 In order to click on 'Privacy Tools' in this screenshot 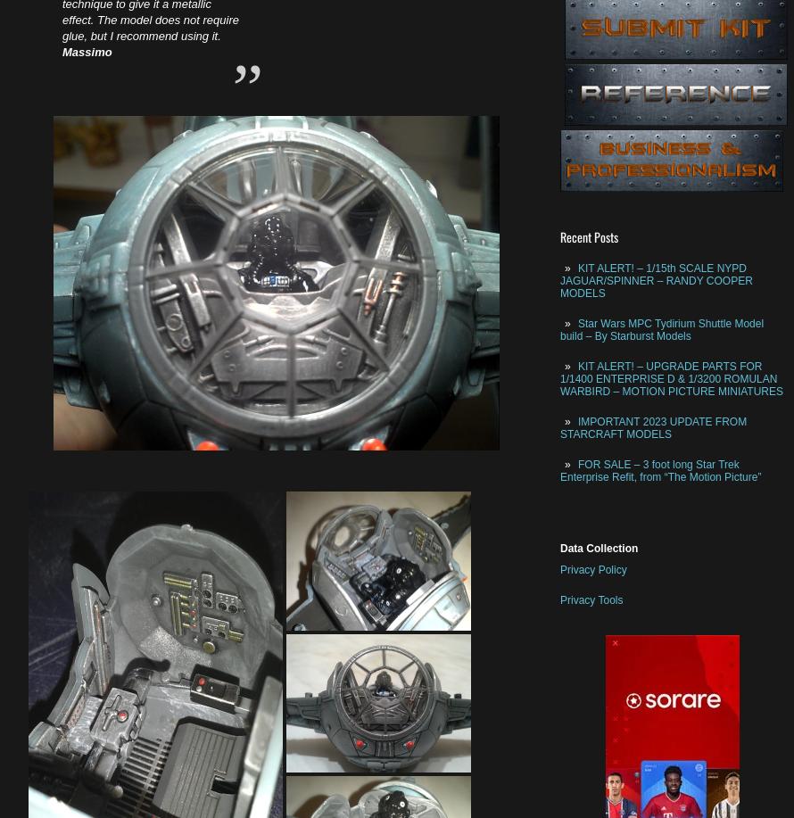, I will do `click(591, 599)`.